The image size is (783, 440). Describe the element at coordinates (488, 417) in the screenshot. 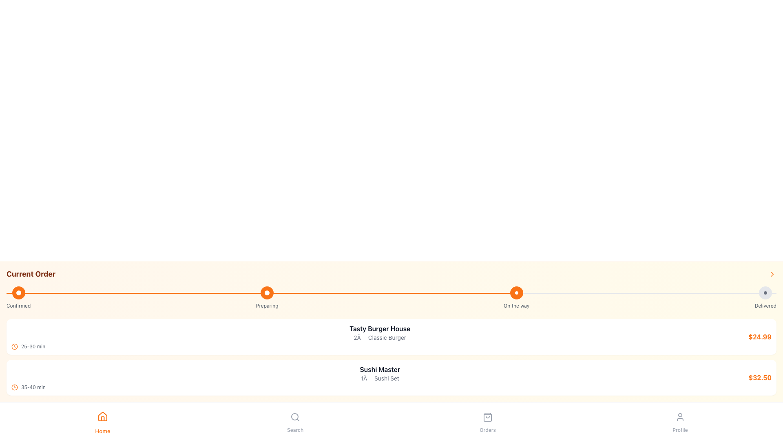

I see `the shopping bag icon located in the bottom navigation bar of the application interface` at that location.